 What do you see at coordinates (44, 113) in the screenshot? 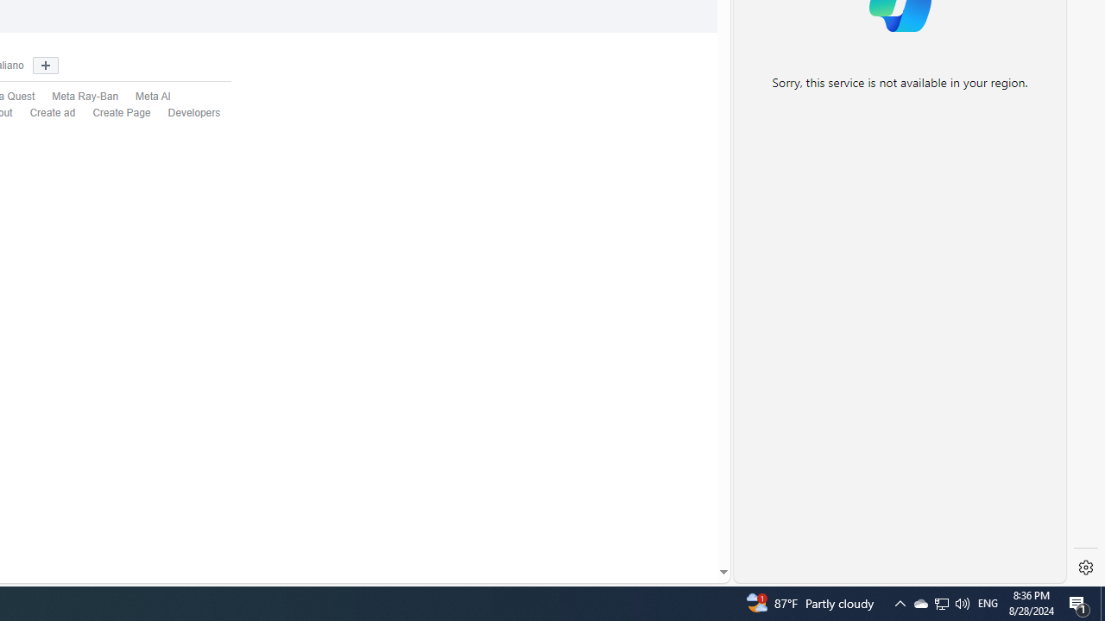
I see `'Create ad'` at bounding box center [44, 113].